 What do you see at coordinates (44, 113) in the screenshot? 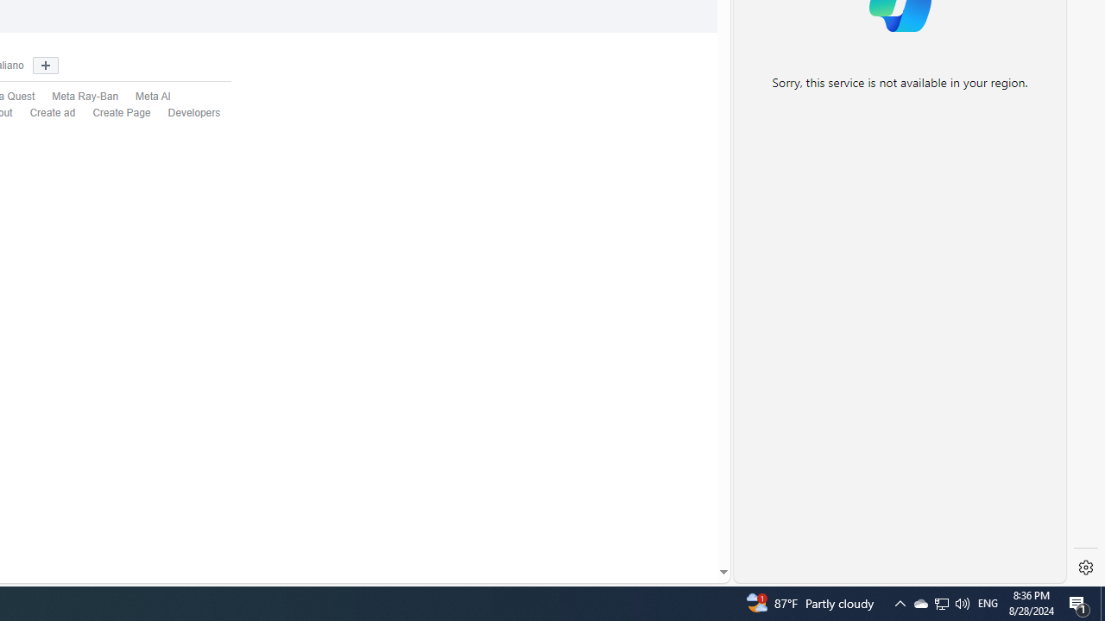
I see `'Create ad'` at bounding box center [44, 113].